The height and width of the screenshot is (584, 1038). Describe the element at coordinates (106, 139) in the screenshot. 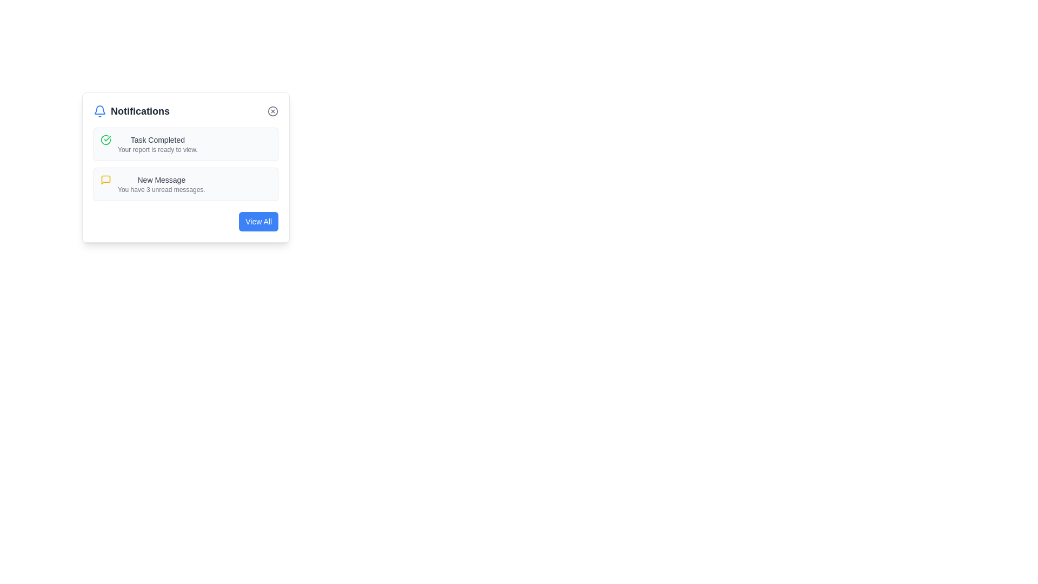

I see `icon indicating successful task completion located in the notification panel, specifically to the left of the 'Task Completed' text` at that location.